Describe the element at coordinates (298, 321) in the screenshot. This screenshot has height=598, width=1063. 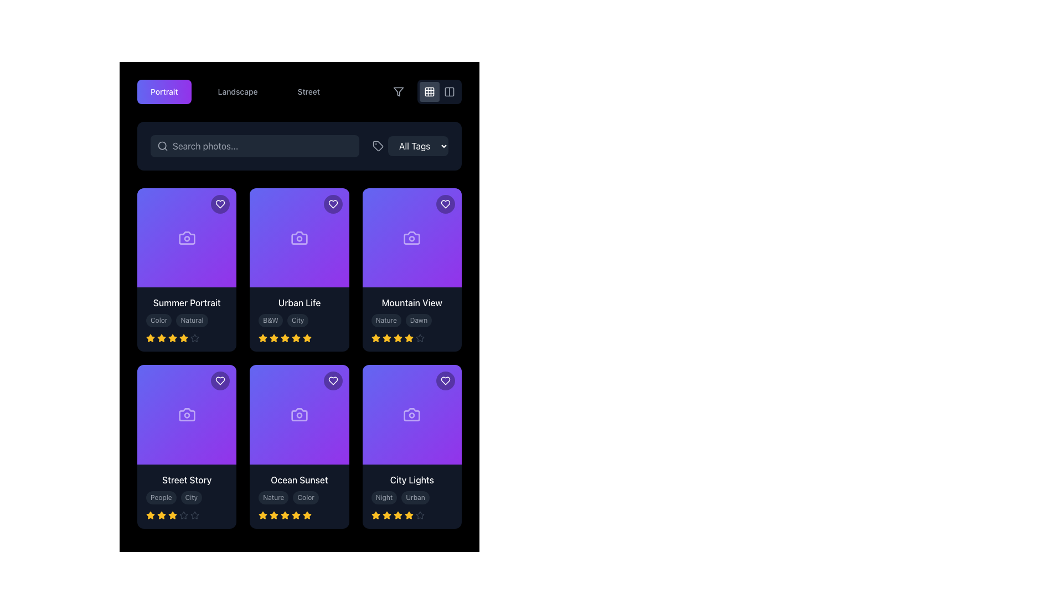
I see `the rounded tag labeled 'City' with a gray background located in the 'Urban Life' card on the second row` at that location.